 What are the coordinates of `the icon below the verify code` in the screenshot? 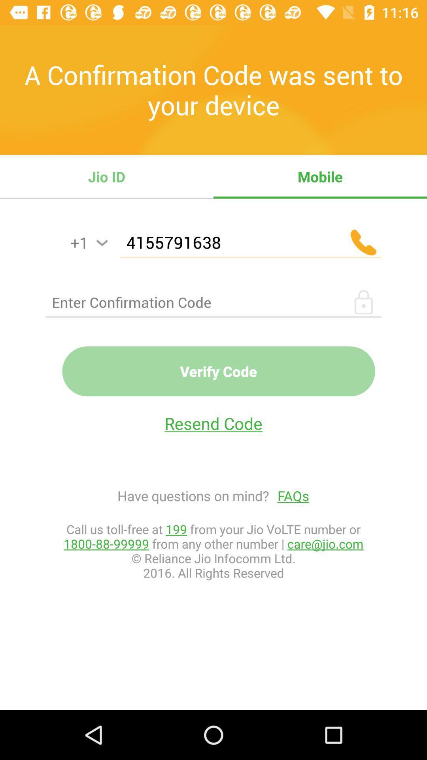 It's located at (213, 423).